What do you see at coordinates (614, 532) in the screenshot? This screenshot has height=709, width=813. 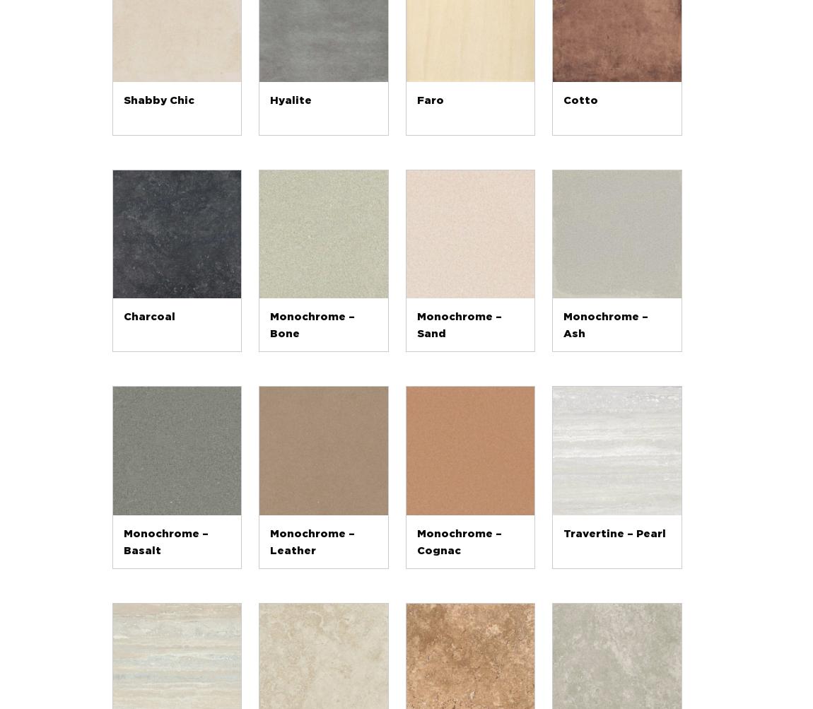 I see `'Travertine – Pearl'` at bounding box center [614, 532].